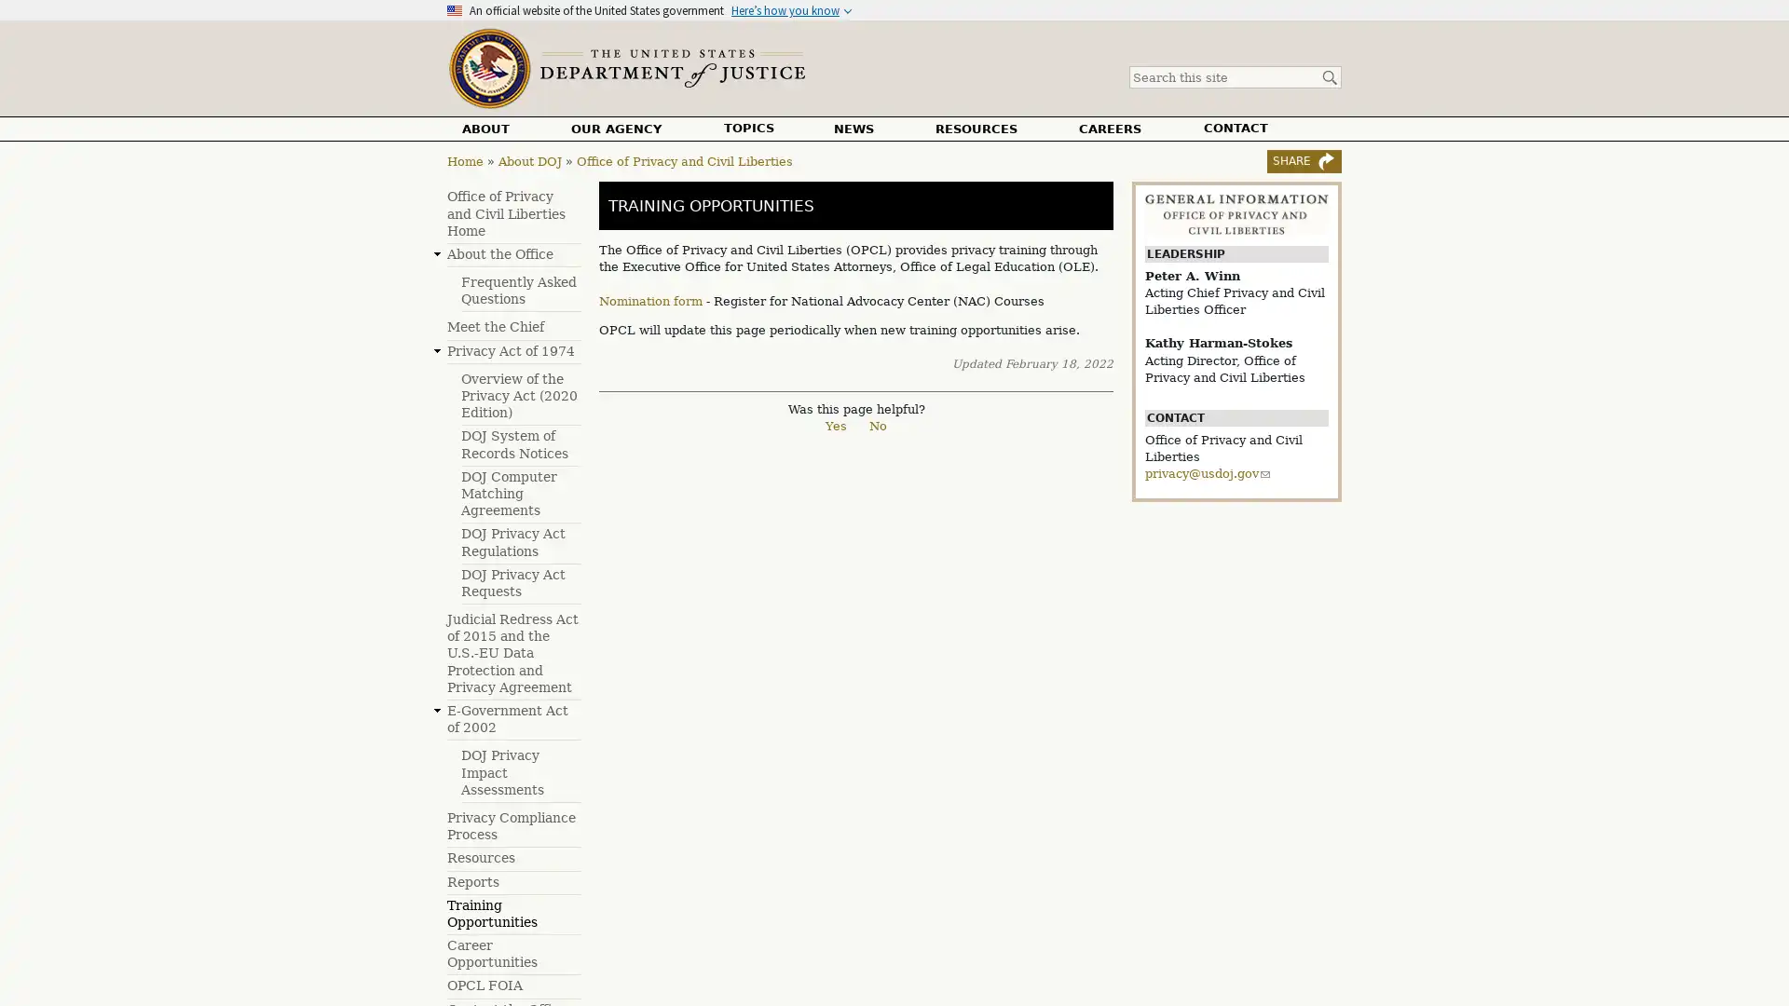 This screenshot has width=1789, height=1006. Describe the element at coordinates (791, 10) in the screenshot. I see `Heres how you know` at that location.